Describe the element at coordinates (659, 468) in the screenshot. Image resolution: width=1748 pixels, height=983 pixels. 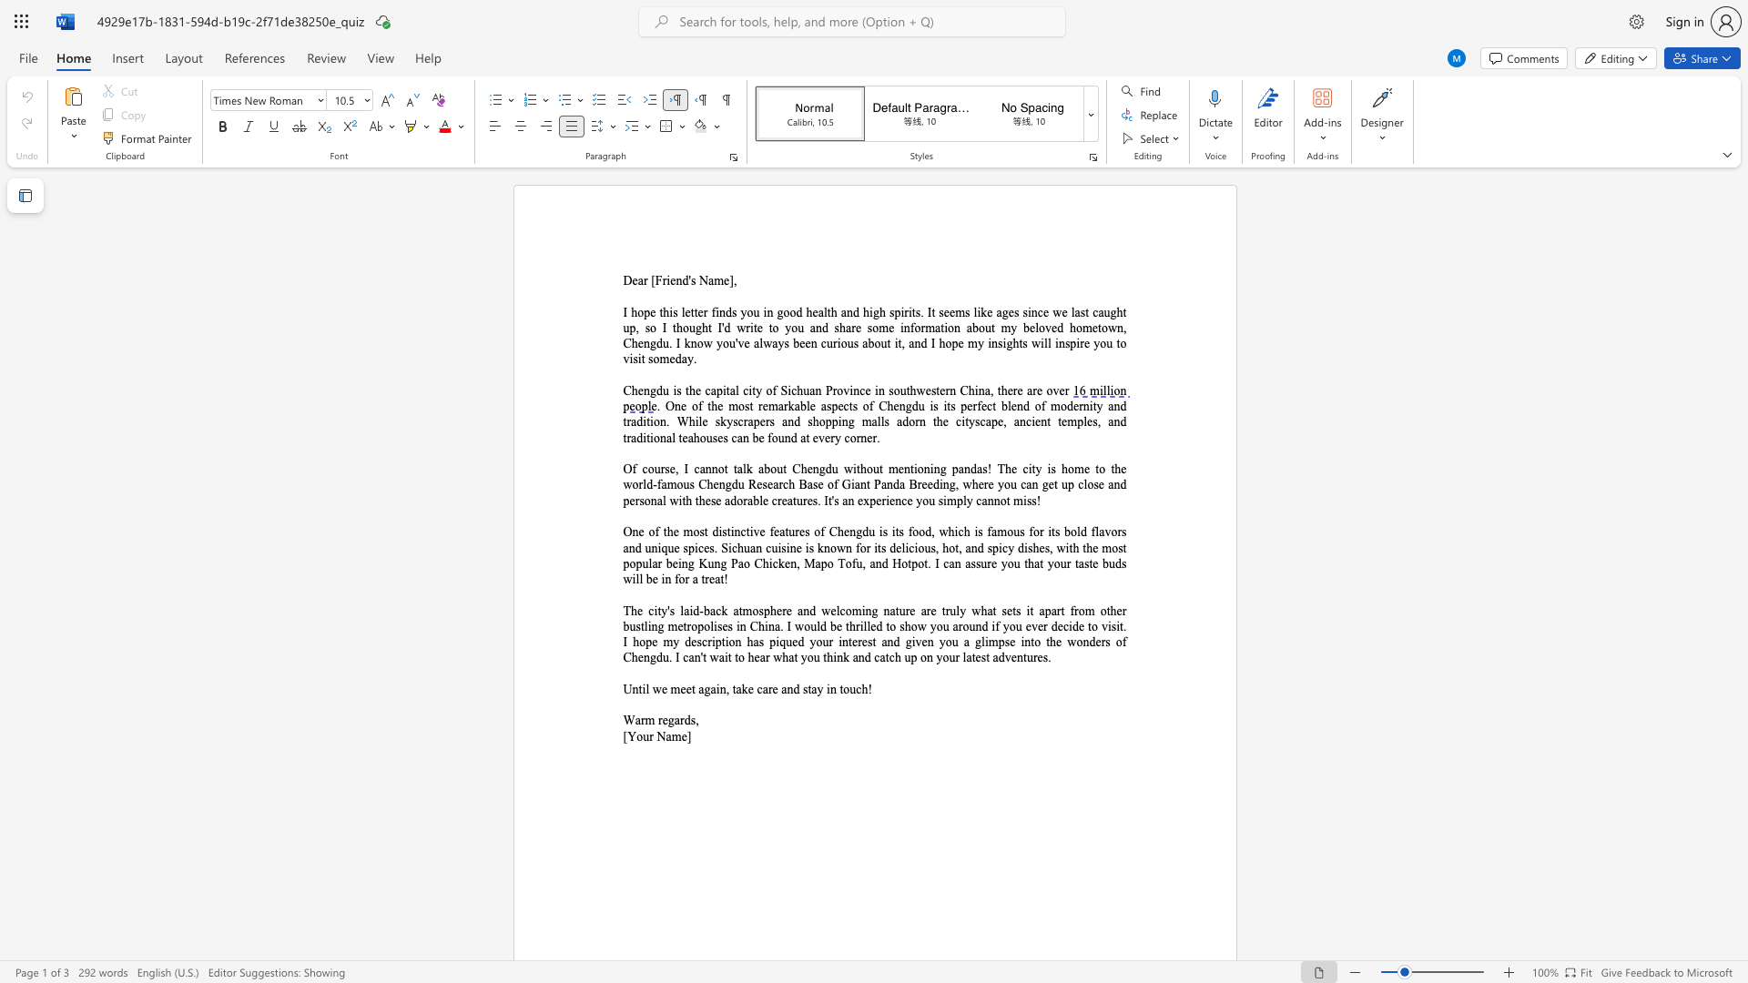
I see `the subset text "rse, I c" within the text "Of course, I cannot talk about Chengdu without mentioning pandas! The city is home to the world-famous Chengdu Research Base of Giant Panda Breeding, where you can get up close and personal with these adorable creatures."` at that location.